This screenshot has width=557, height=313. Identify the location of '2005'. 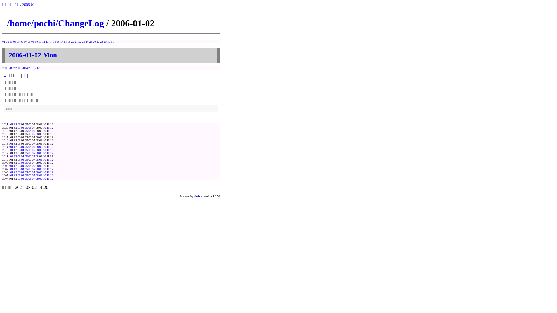
(5, 68).